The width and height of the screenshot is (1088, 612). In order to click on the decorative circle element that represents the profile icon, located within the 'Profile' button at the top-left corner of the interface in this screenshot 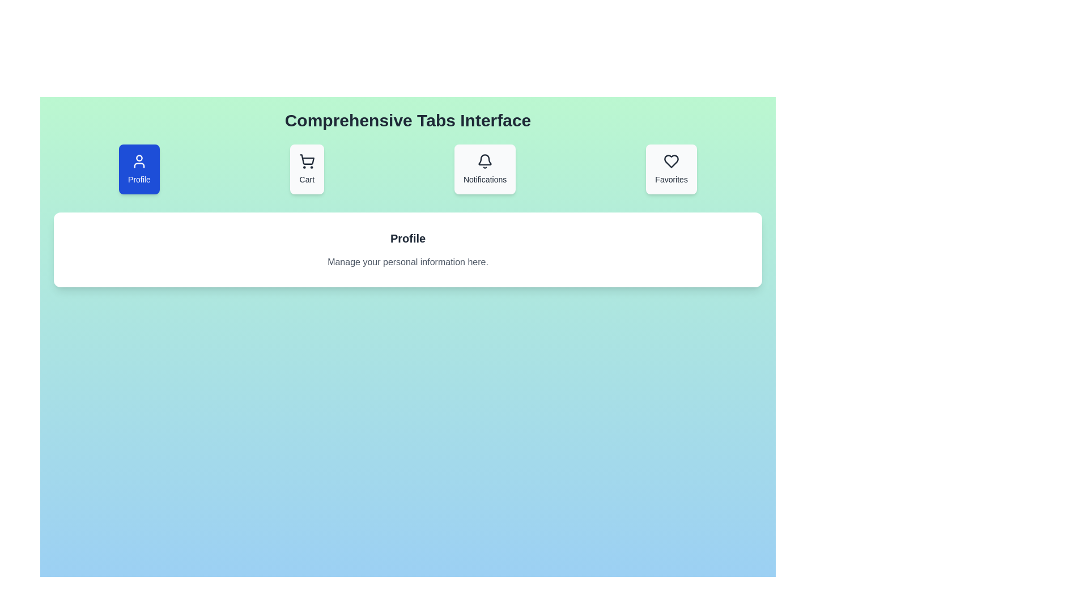, I will do `click(138, 158)`.